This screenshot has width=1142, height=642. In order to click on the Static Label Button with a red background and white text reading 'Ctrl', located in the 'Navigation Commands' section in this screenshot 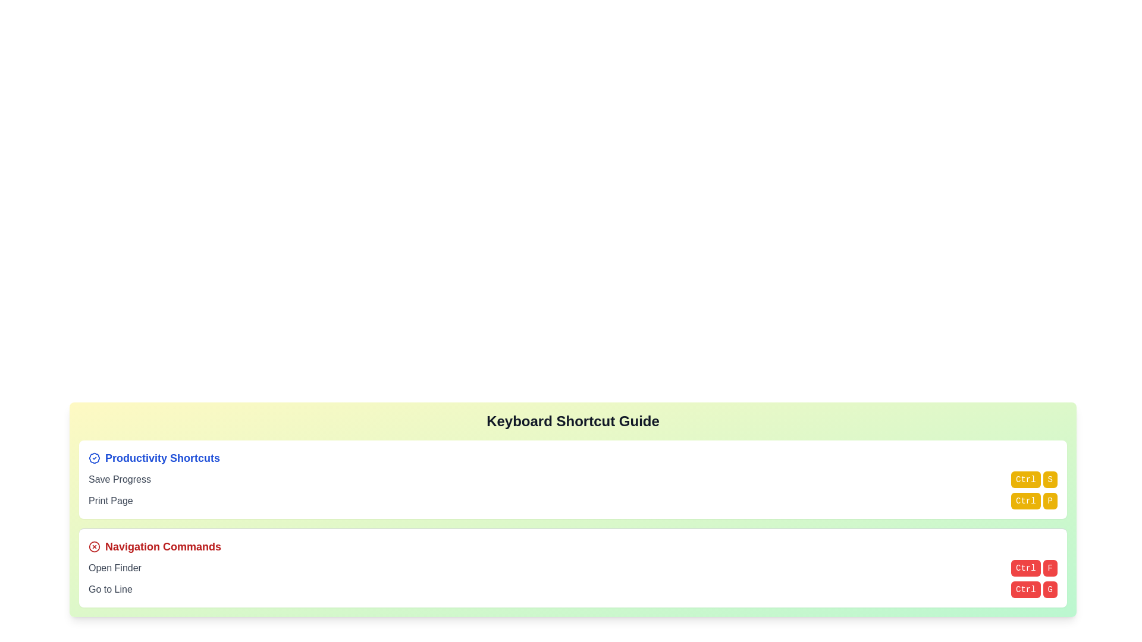, I will do `click(1025, 589)`.